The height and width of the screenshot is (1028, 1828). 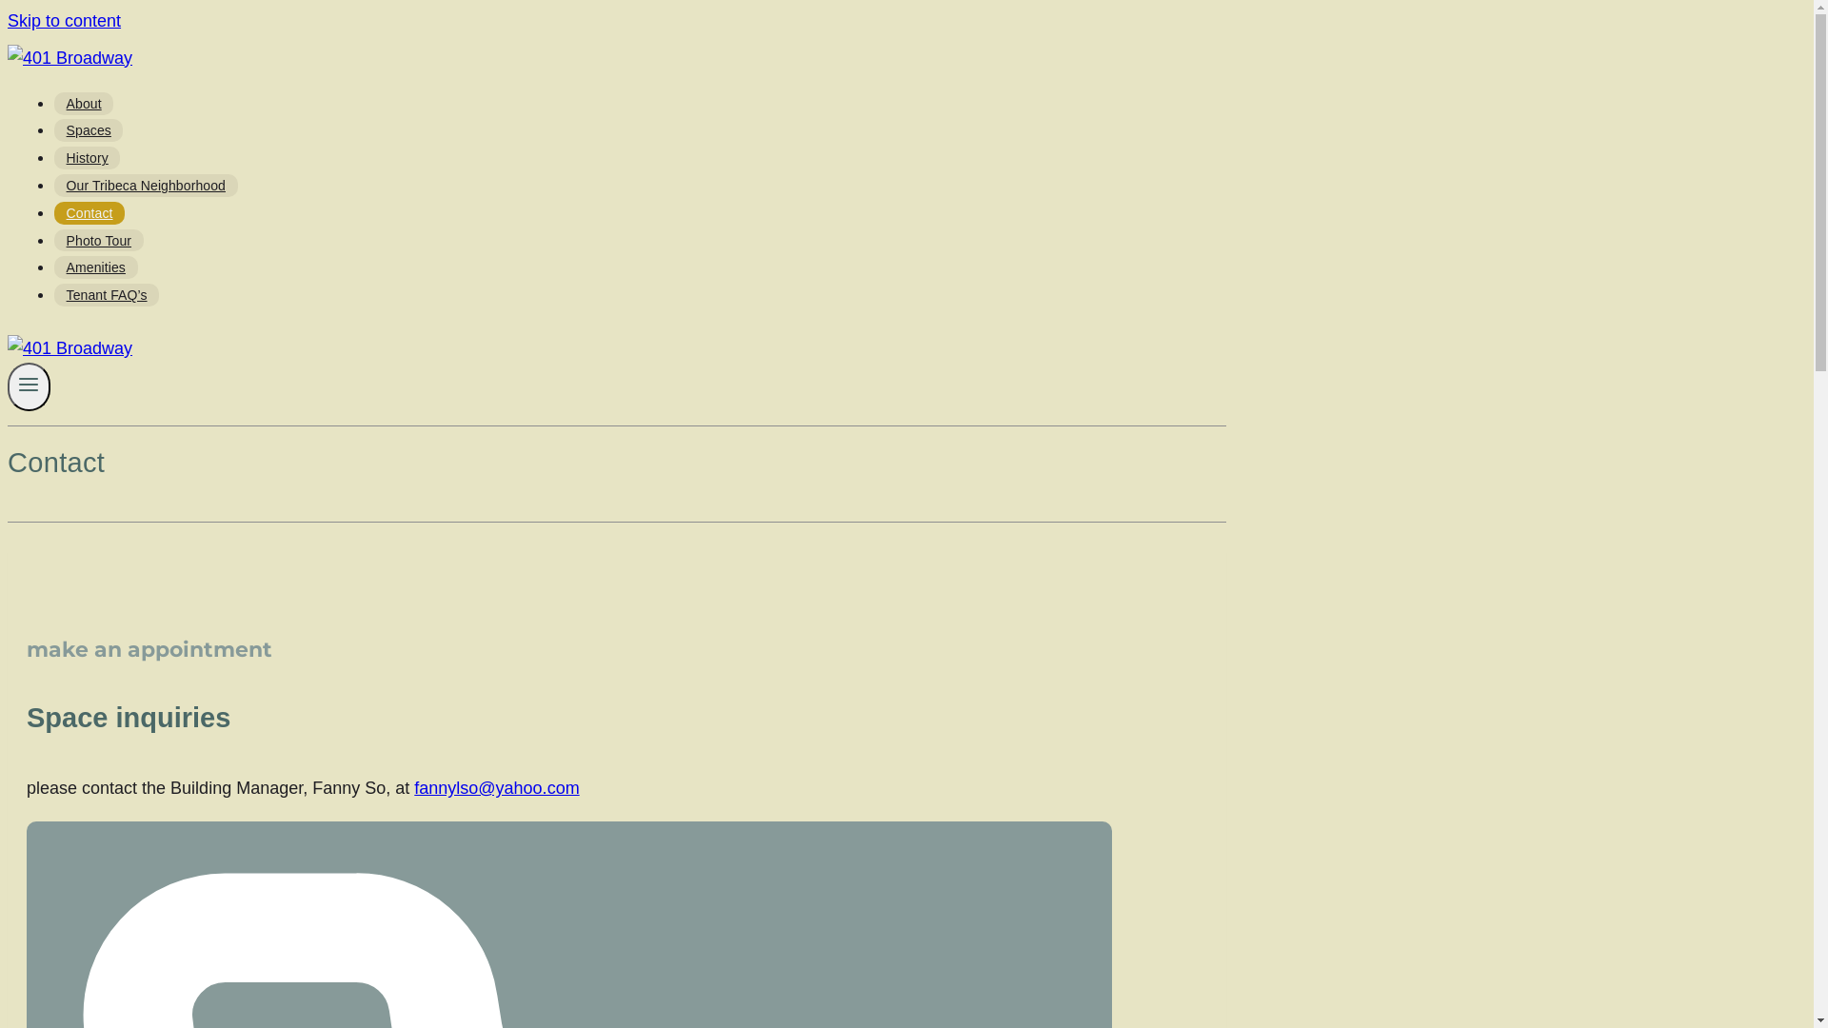 What do you see at coordinates (98, 240) in the screenshot?
I see `'Photo Tour'` at bounding box center [98, 240].